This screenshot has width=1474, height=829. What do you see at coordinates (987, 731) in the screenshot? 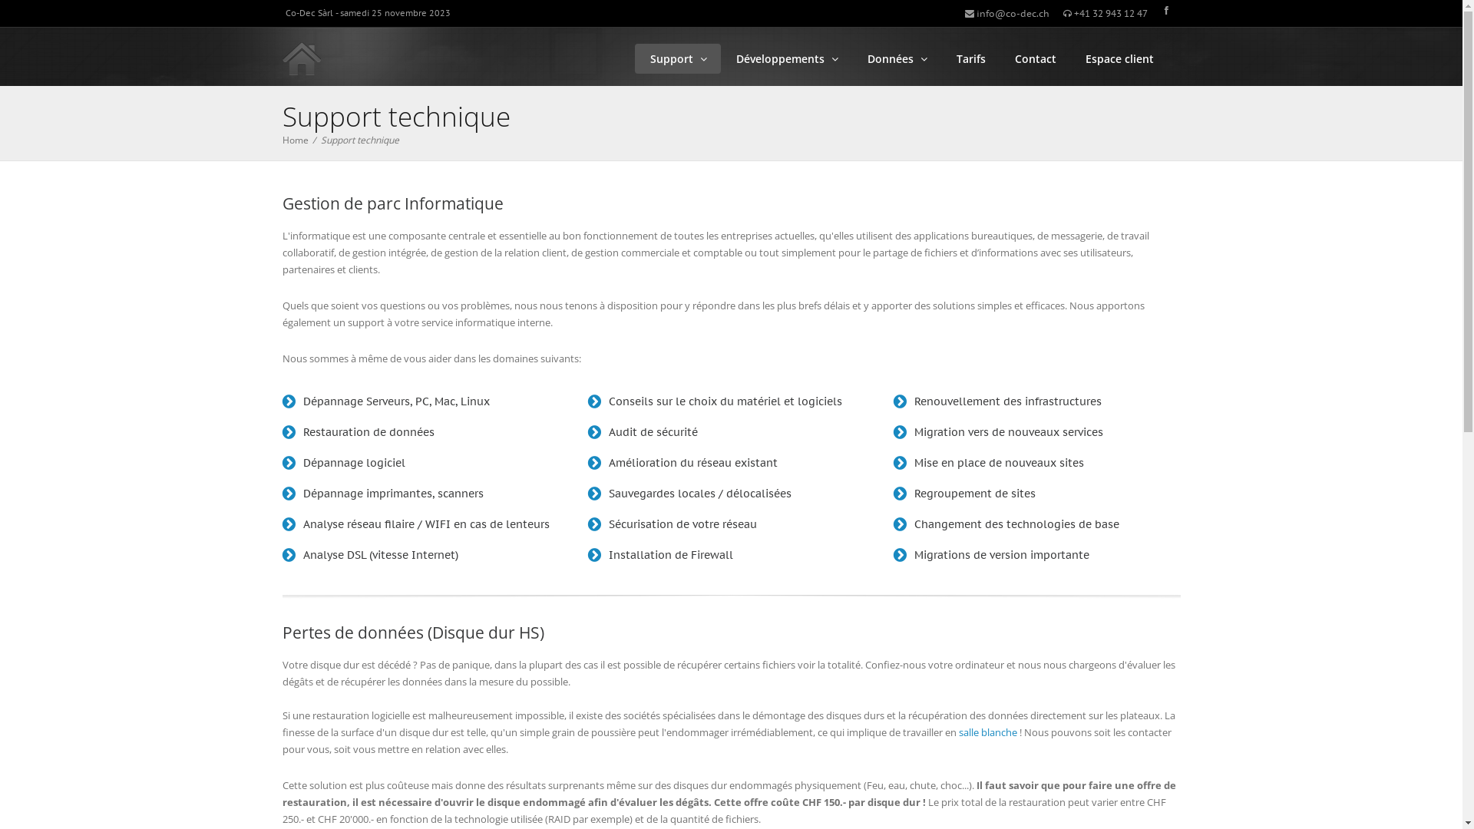
I see `'salle blanche'` at bounding box center [987, 731].